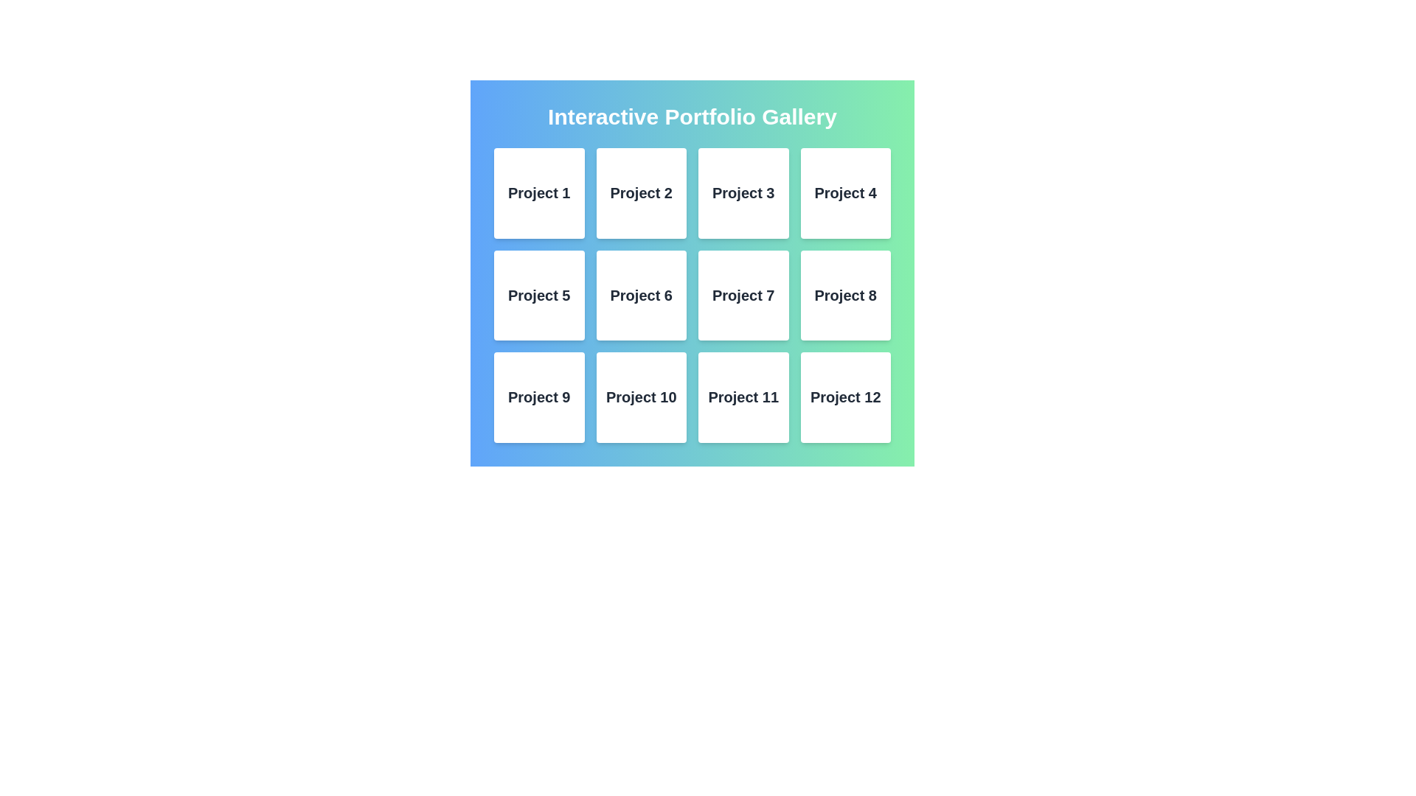 The height and width of the screenshot is (796, 1416). What do you see at coordinates (692, 273) in the screenshot?
I see `the individual items within the 'Interactive Portfolio Gallery' that contains text boxes titled 'Project 1' through 'Project 12'` at bounding box center [692, 273].